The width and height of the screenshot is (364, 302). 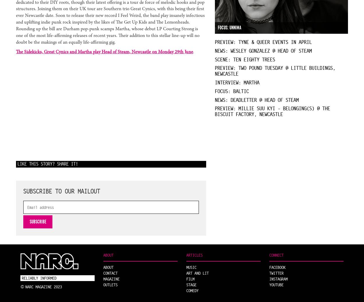 What do you see at coordinates (232, 91) in the screenshot?
I see `'Focus: BALTIC'` at bounding box center [232, 91].